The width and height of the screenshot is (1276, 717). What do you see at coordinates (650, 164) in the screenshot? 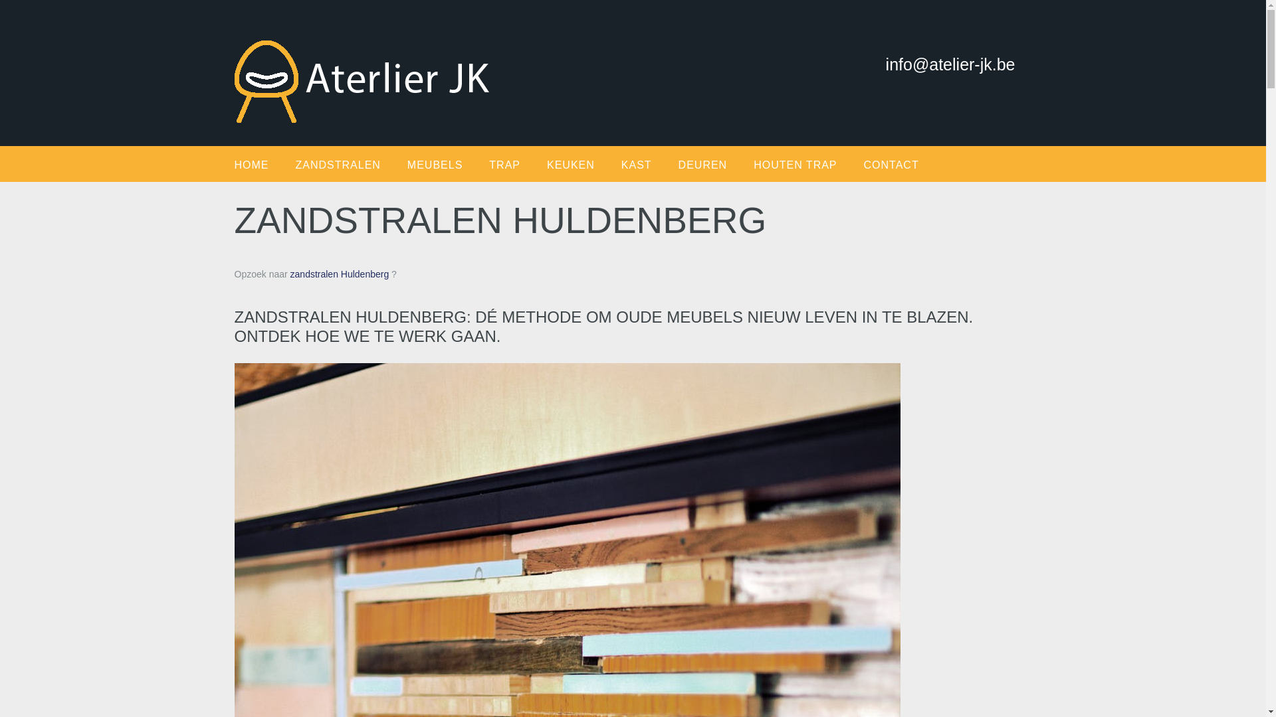
I see `'KAST'` at bounding box center [650, 164].